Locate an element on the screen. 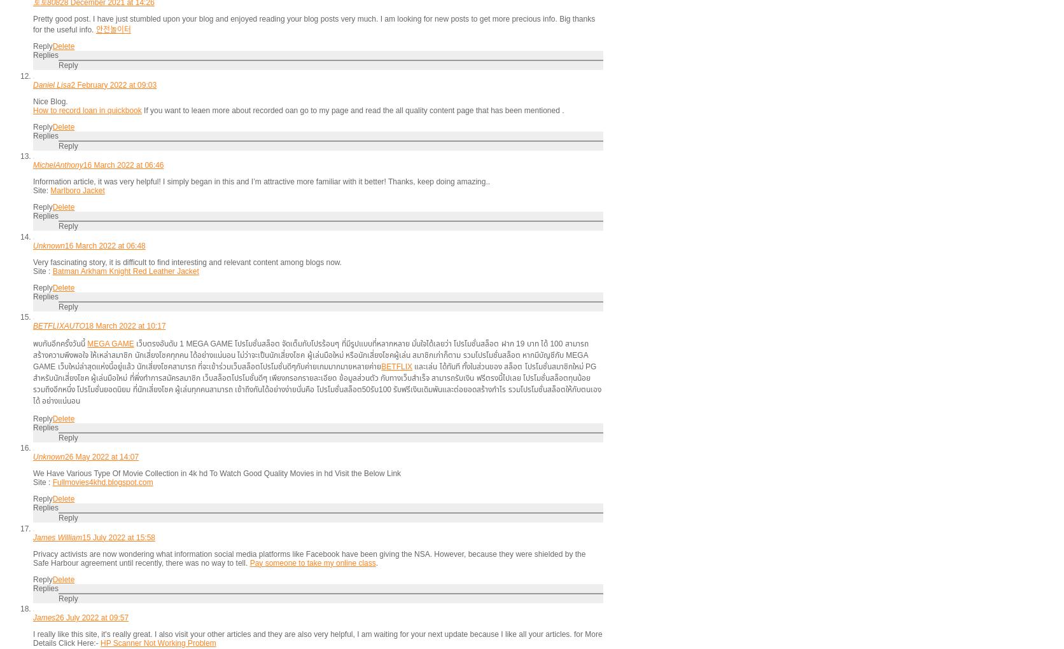 This screenshot has width=1064, height=649. '26 July 2022 at 09:57' is located at coordinates (55, 617).